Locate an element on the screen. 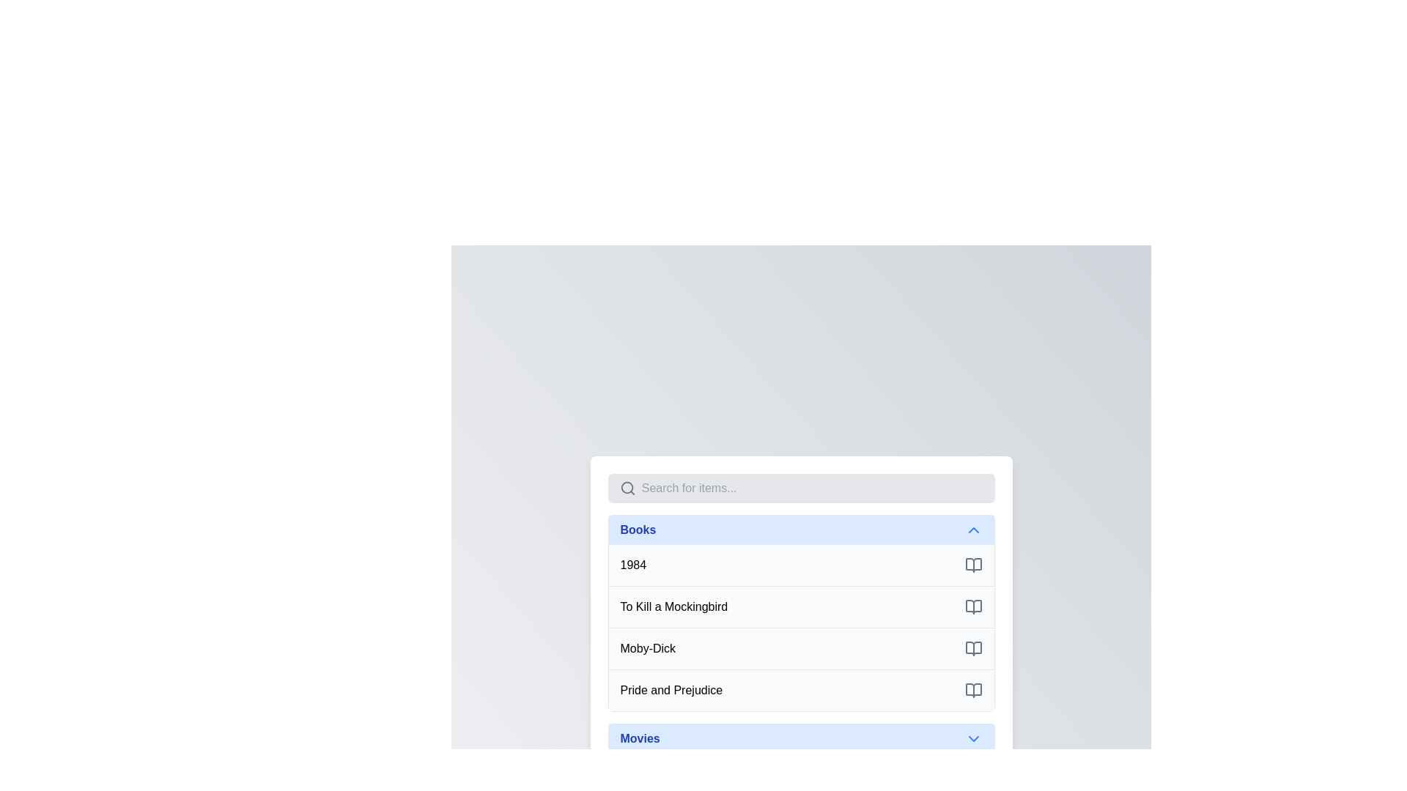  the circle within the magnifying glass icon located to the left of the 'Search for items...' input field is located at coordinates (627, 487).